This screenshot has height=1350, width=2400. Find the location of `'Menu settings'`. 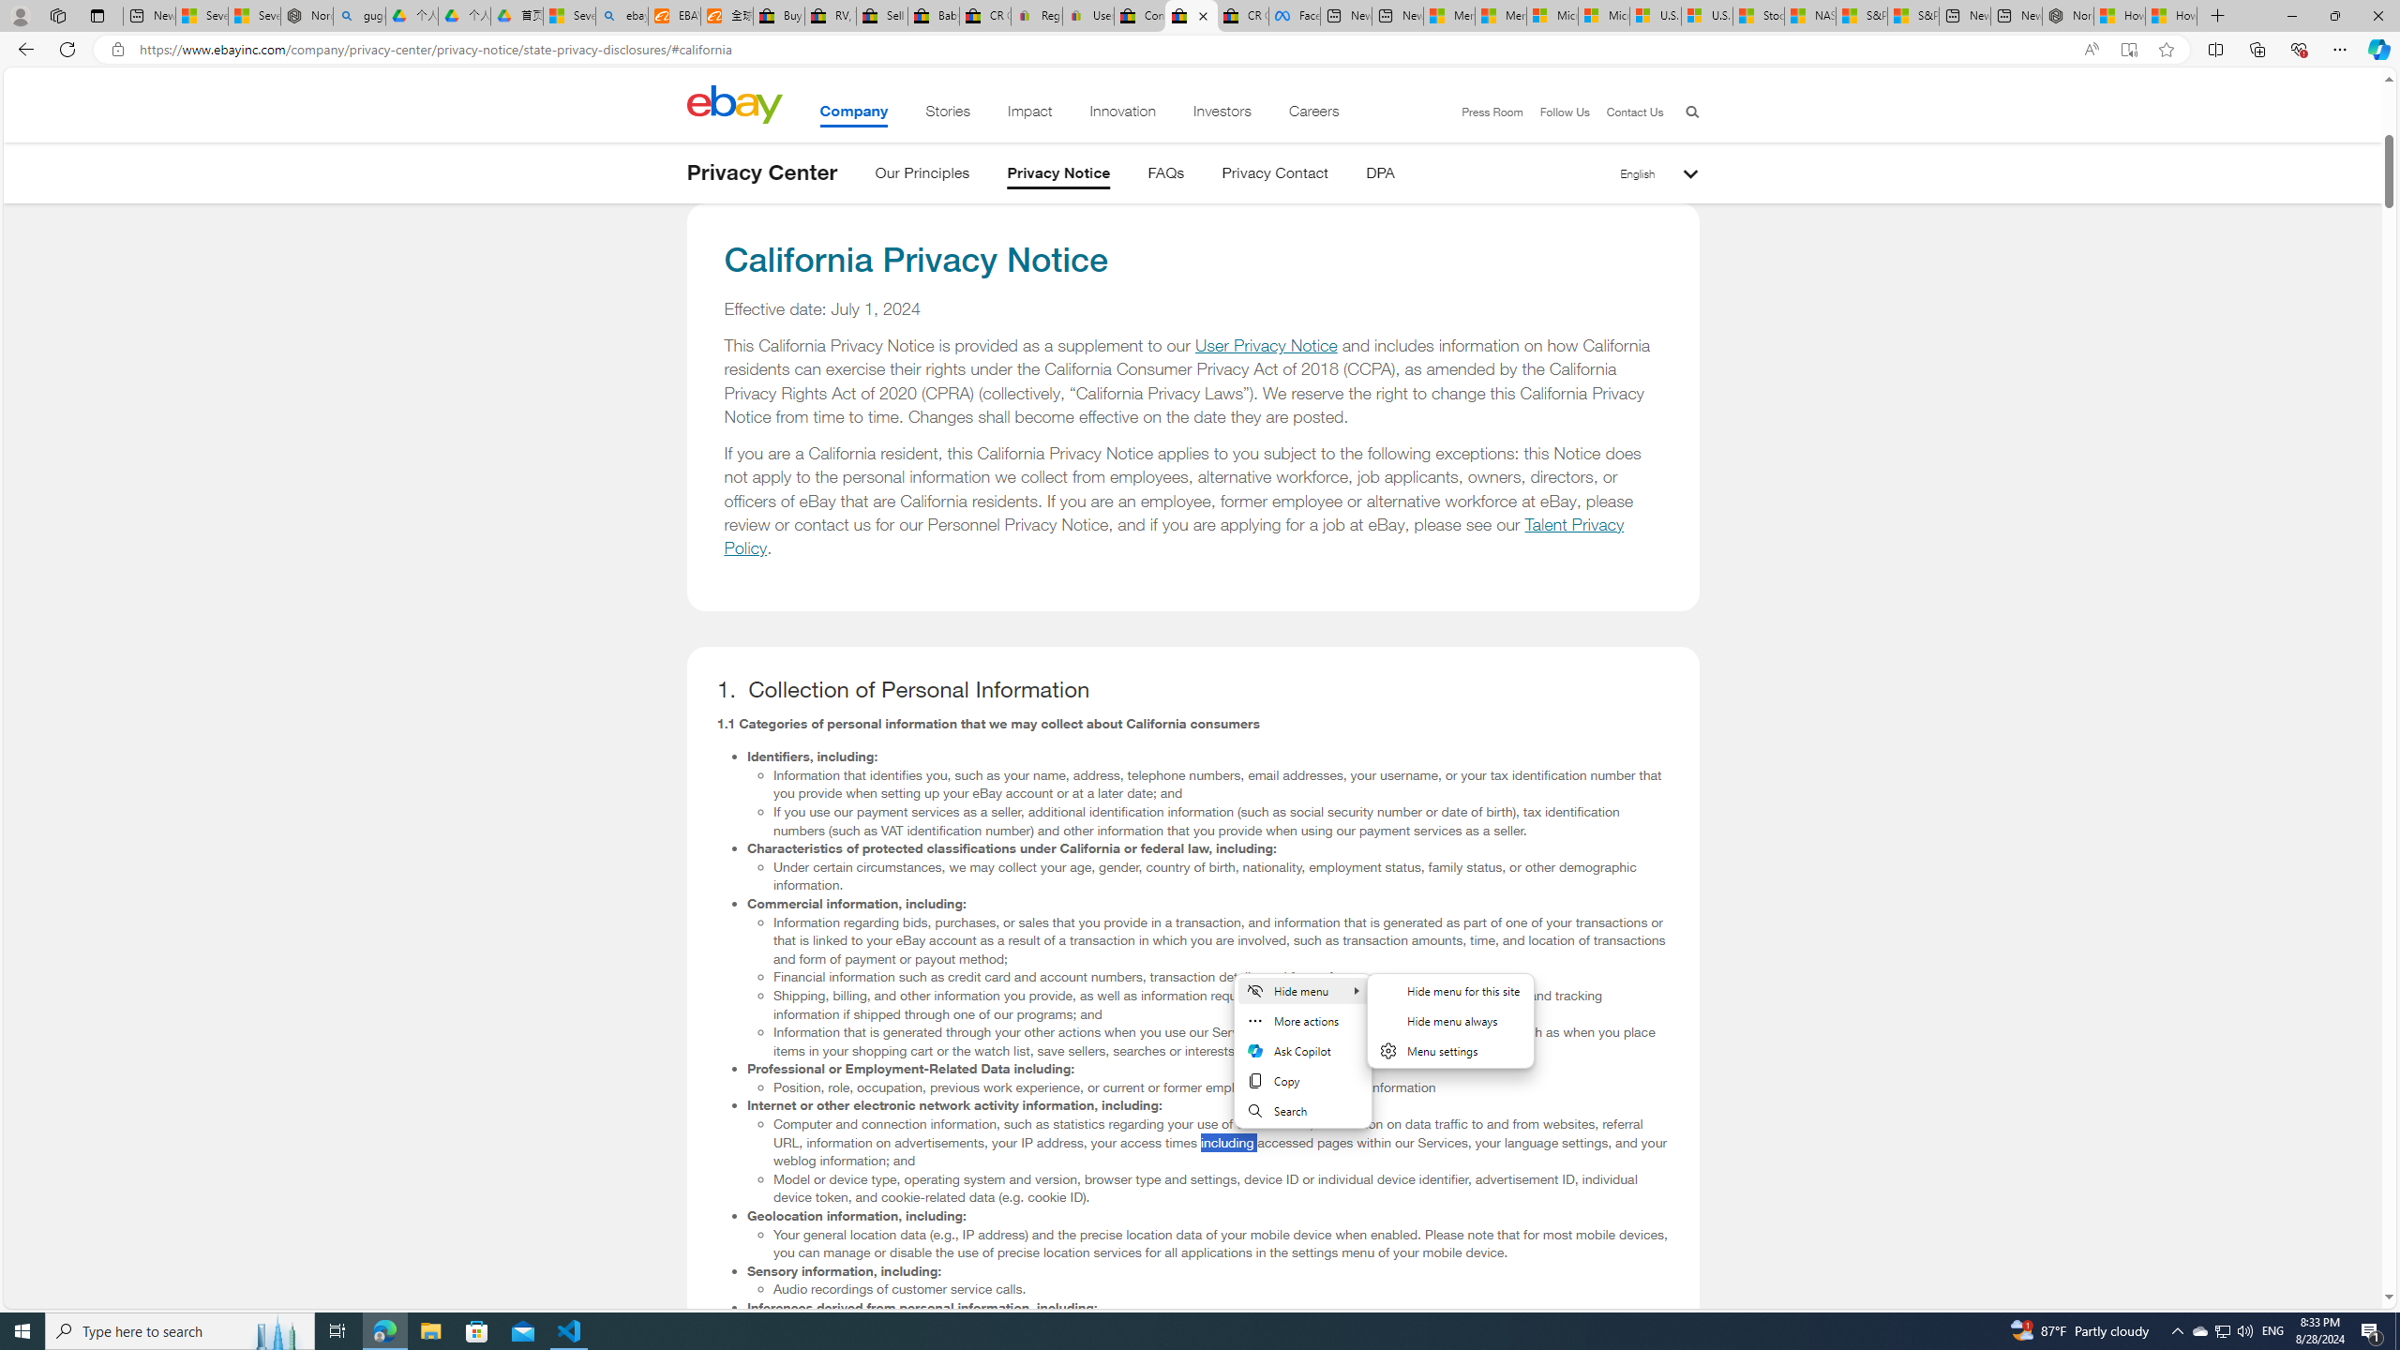

'Menu settings' is located at coordinates (1449, 1051).